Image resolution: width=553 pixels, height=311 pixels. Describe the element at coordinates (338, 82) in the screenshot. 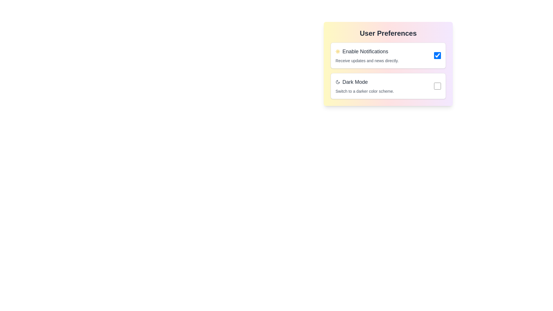

I see `the dark mode icon located to the left of the 'Dark Mode' text in the 'User Preferences' section` at that location.